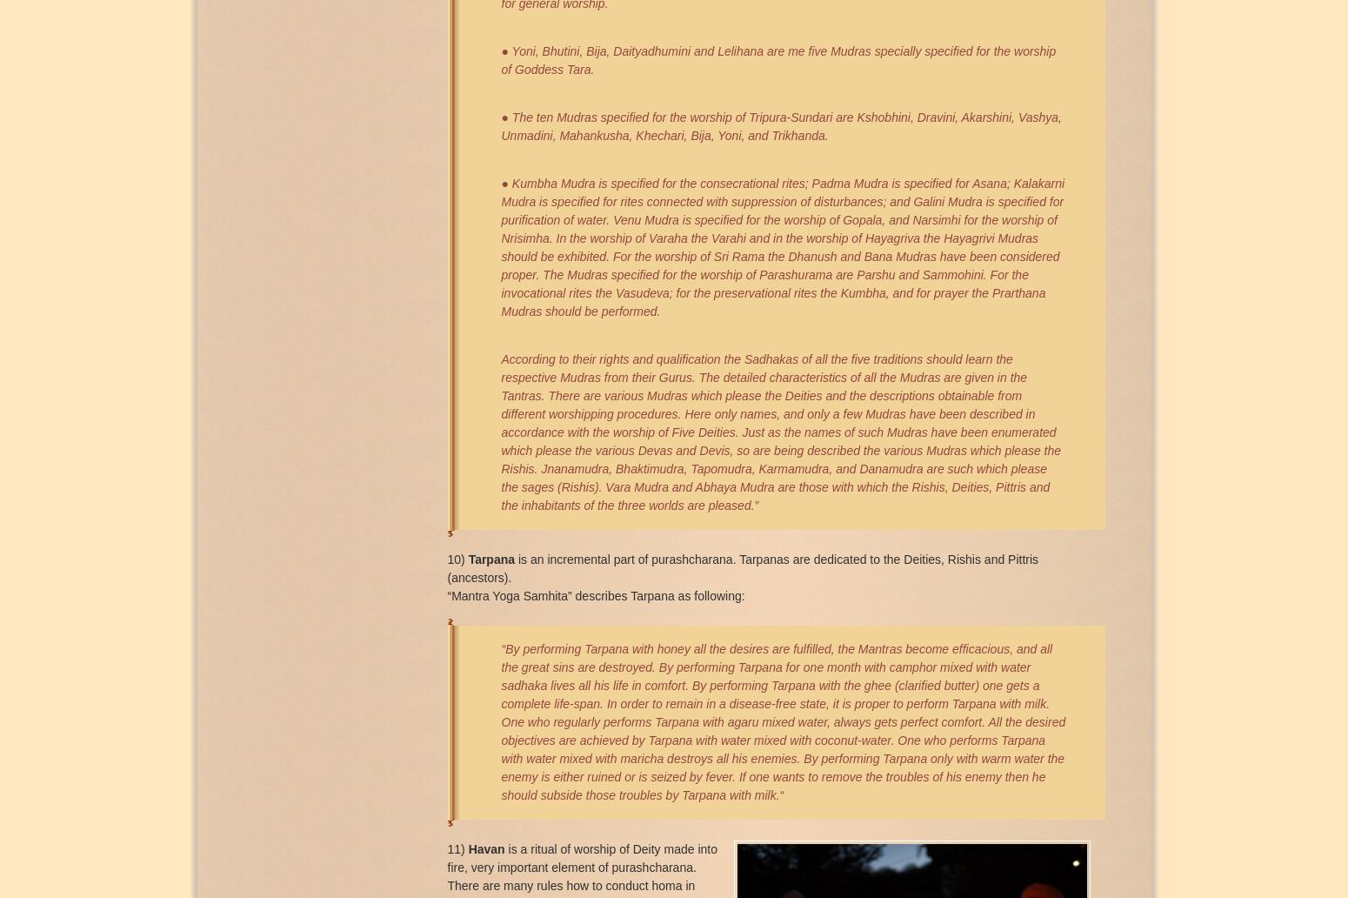 The height and width of the screenshot is (898, 1348). What do you see at coordinates (457, 848) in the screenshot?
I see `'11)'` at bounding box center [457, 848].